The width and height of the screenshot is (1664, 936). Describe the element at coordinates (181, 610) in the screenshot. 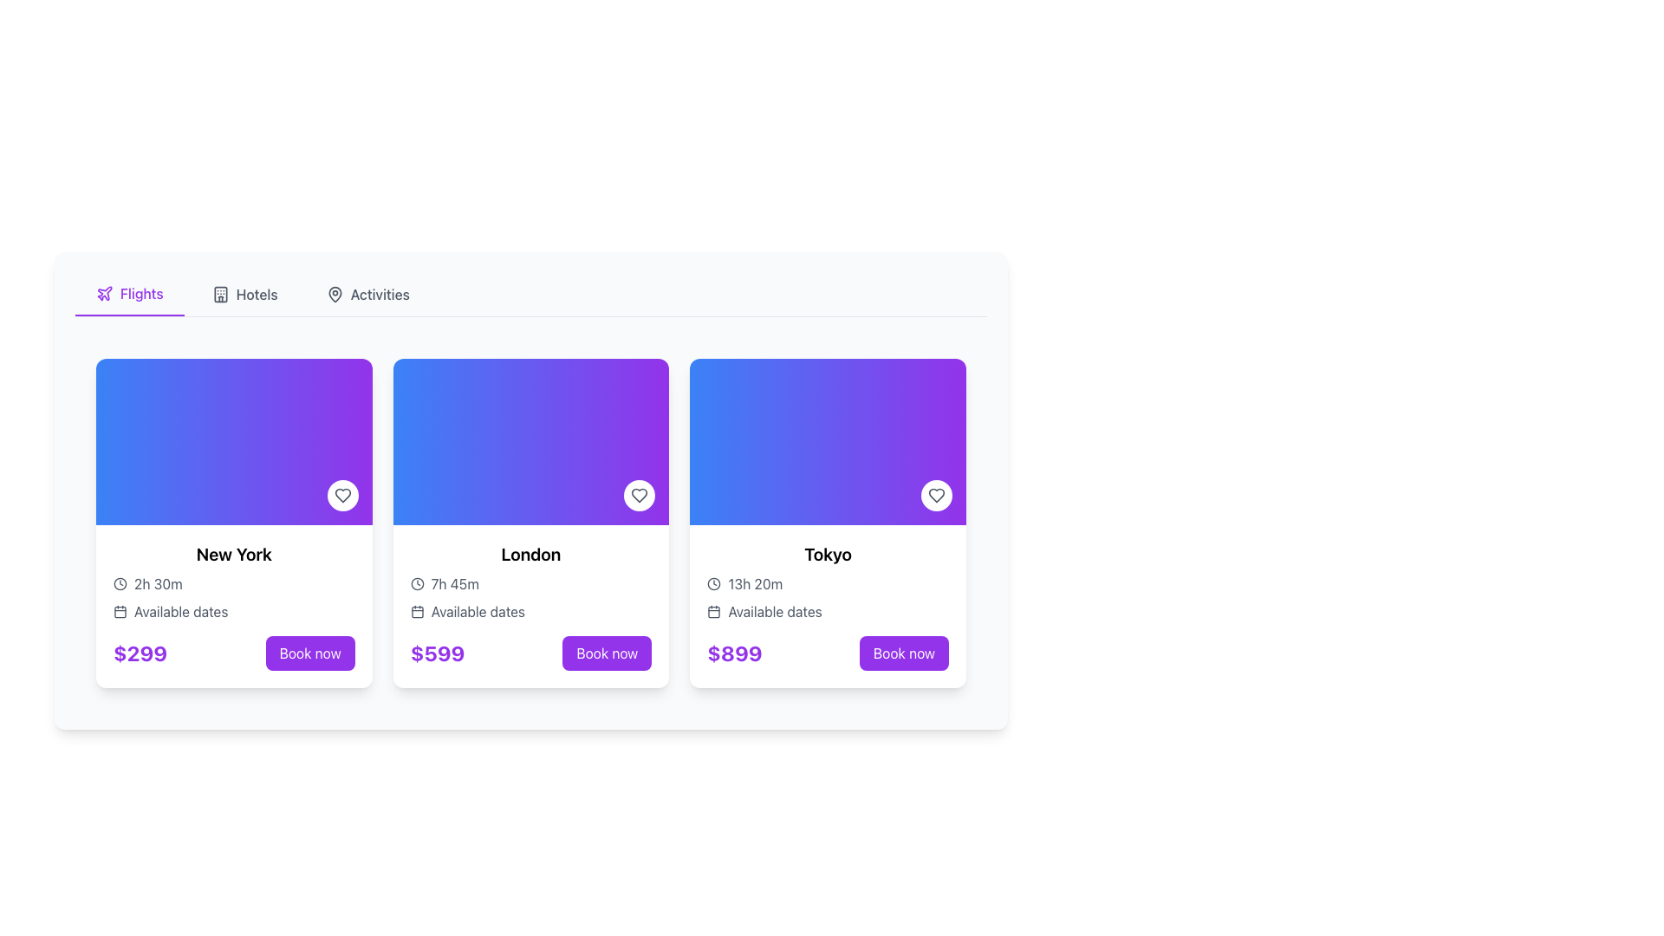

I see `the descriptive text label indicating availability or schedule for the travel item 'New York', positioned below the calendar icon` at that location.